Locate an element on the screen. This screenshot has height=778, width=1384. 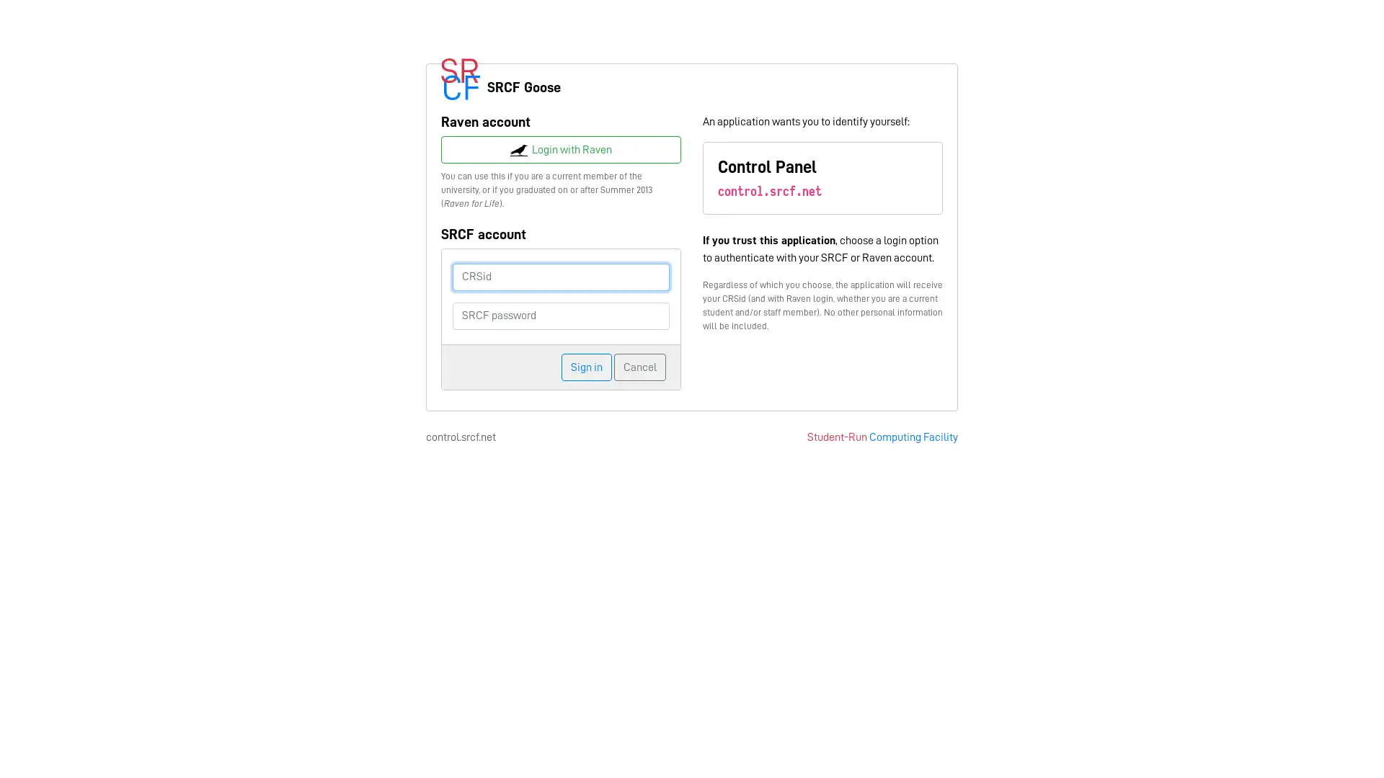
Cancel is located at coordinates (639, 366).